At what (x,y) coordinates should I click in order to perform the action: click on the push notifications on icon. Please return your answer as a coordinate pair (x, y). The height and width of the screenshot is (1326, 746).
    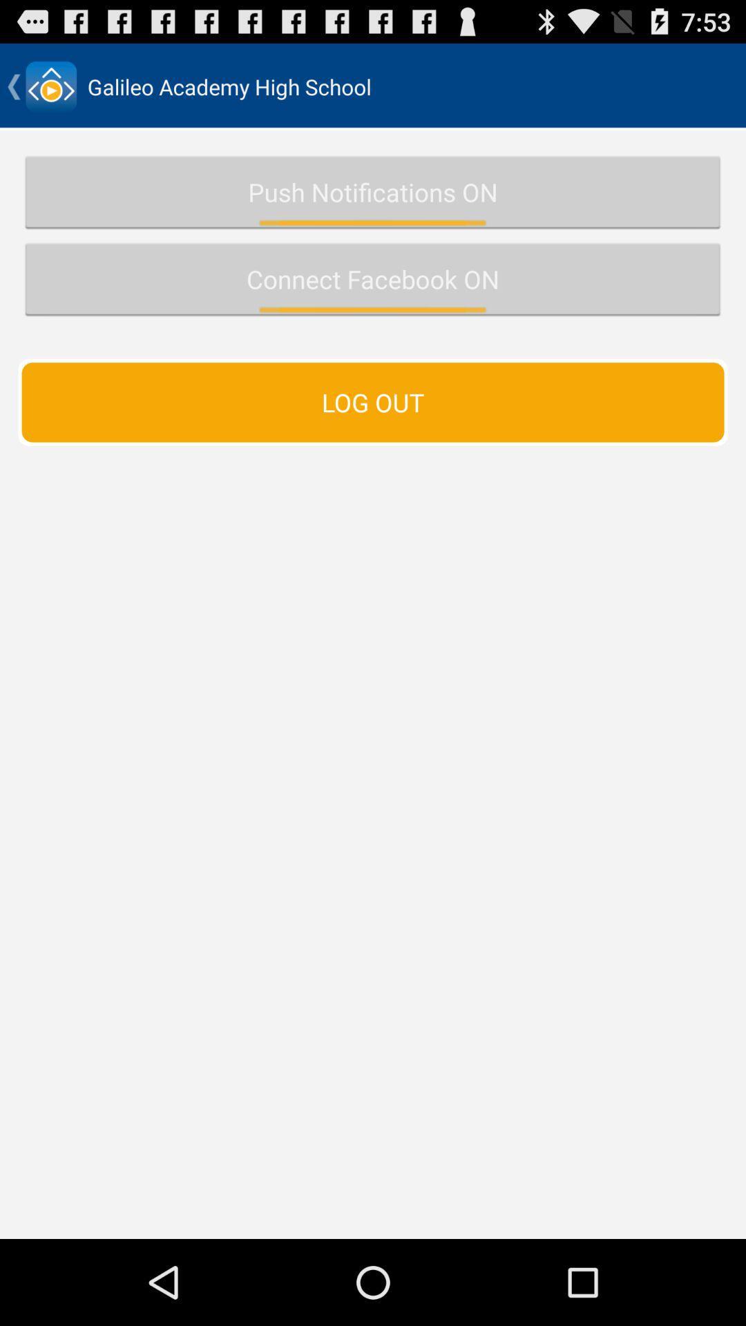
    Looking at the image, I should click on (373, 191).